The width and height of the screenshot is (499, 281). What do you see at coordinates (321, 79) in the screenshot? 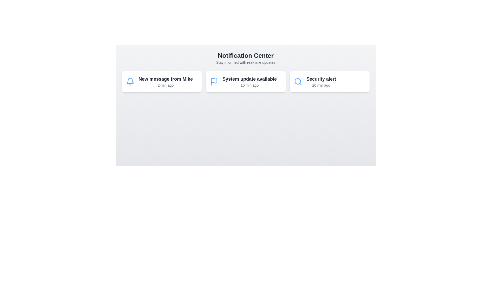
I see `the 'Security alert' text label, which is styled in a large bold font and positioned in the rightmost notification card under the 'Notification Center'` at bounding box center [321, 79].